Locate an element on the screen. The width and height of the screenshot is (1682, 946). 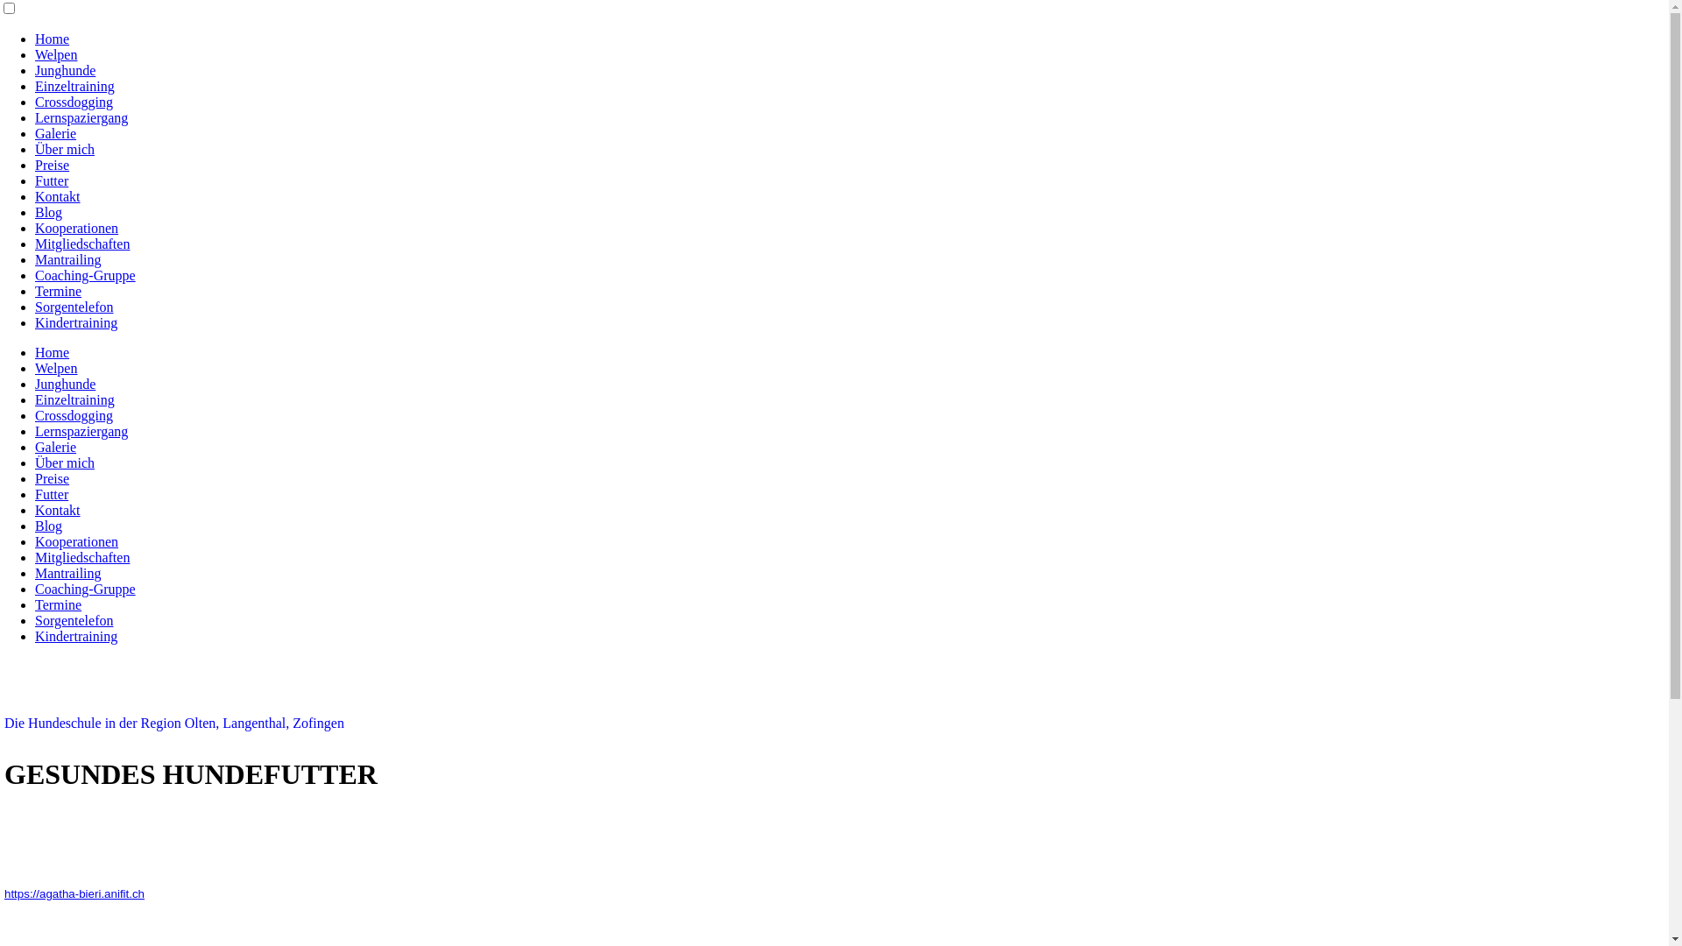
'Lernspaziergang' is located at coordinates (80, 117).